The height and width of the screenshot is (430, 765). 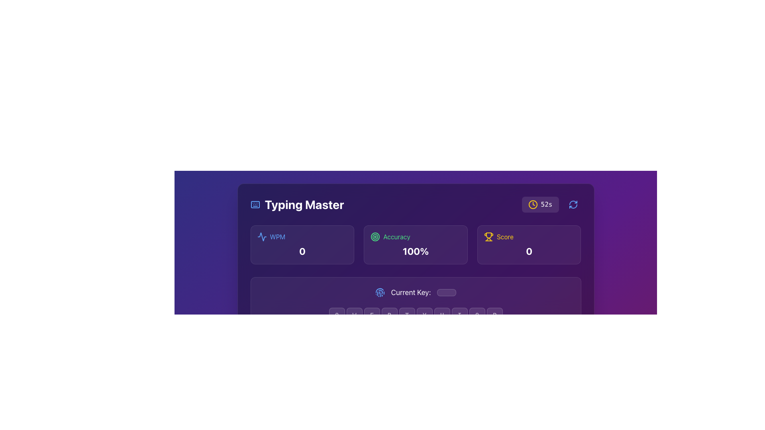 I want to click on the refresh button located at the top right portion of the interface, next to the time display labeled '56s', so click(x=573, y=204).